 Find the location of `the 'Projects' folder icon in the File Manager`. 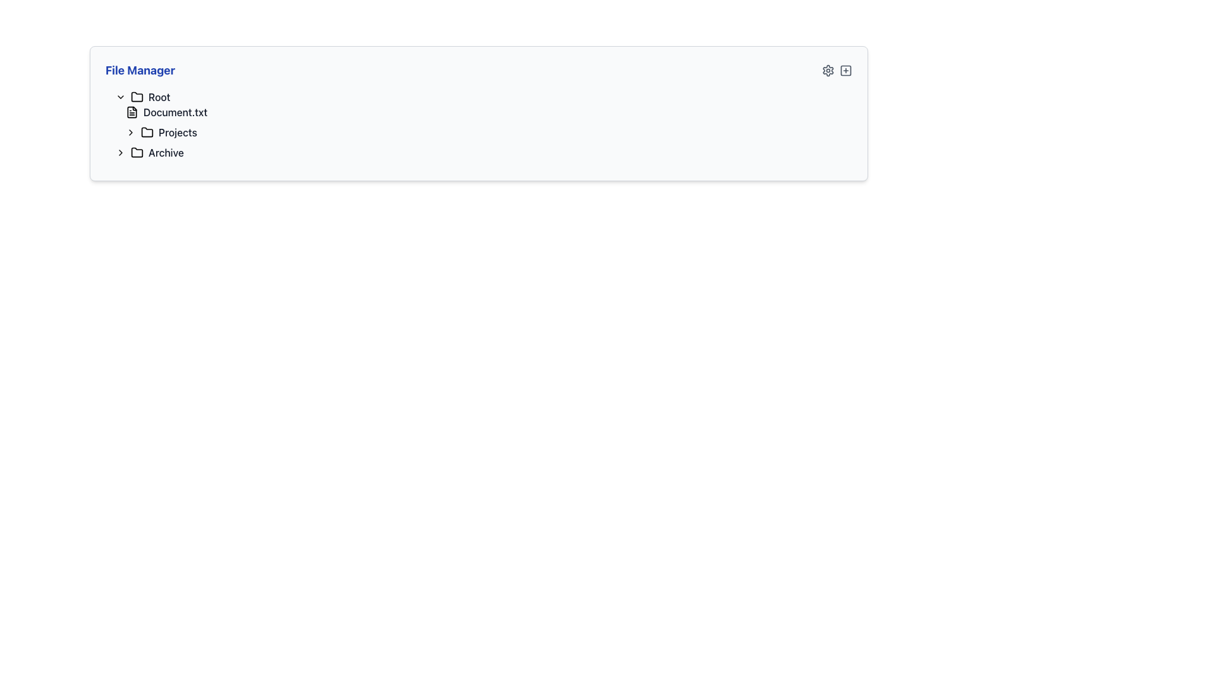

the 'Projects' folder icon in the File Manager is located at coordinates (147, 131).